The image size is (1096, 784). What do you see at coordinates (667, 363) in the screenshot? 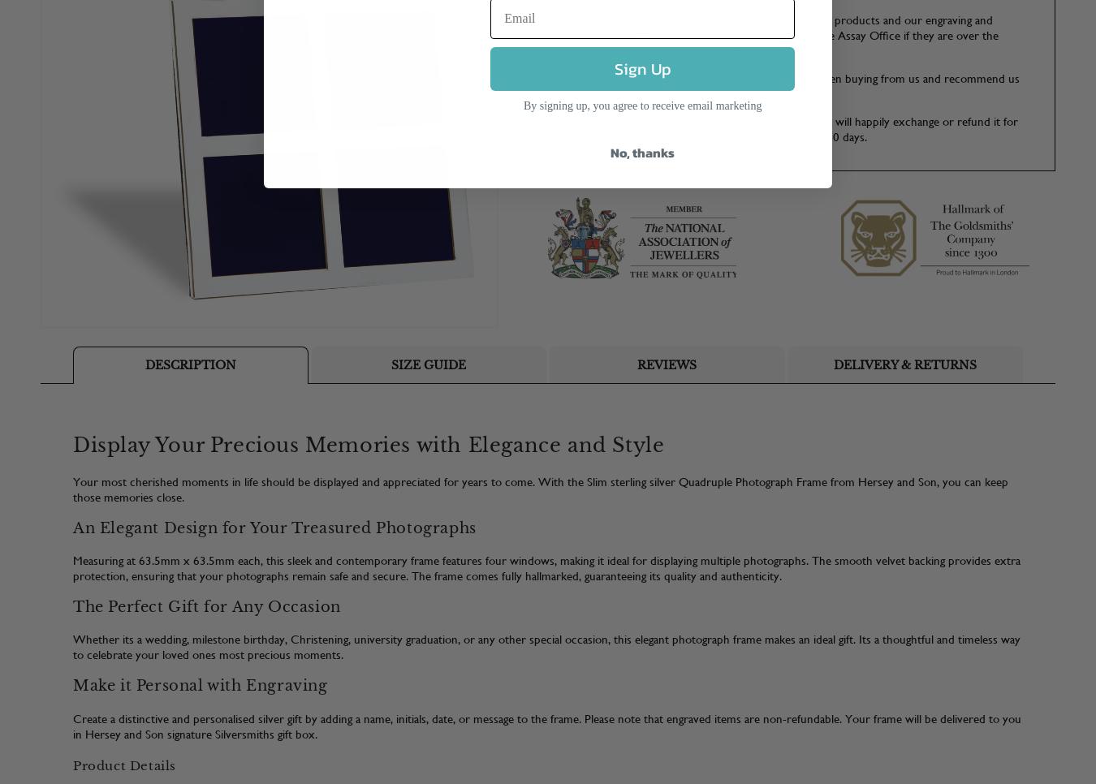
I see `'reviews'` at bounding box center [667, 363].